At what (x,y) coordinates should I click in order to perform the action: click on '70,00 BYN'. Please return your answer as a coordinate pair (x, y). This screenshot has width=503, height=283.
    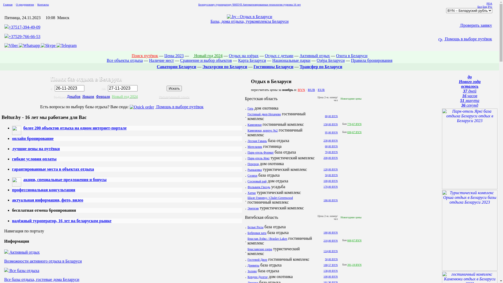
    Looking at the image, I should click on (331, 152).